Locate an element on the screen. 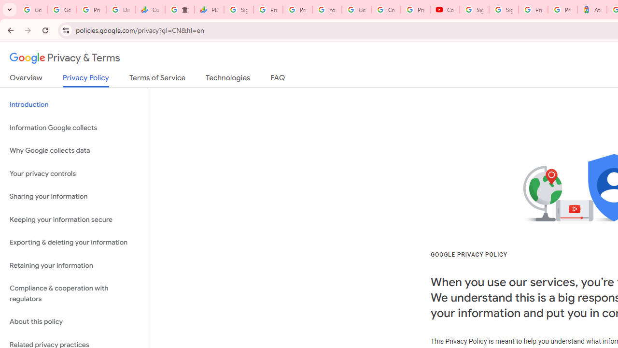  'Keeping your information secure' is located at coordinates (73, 219).